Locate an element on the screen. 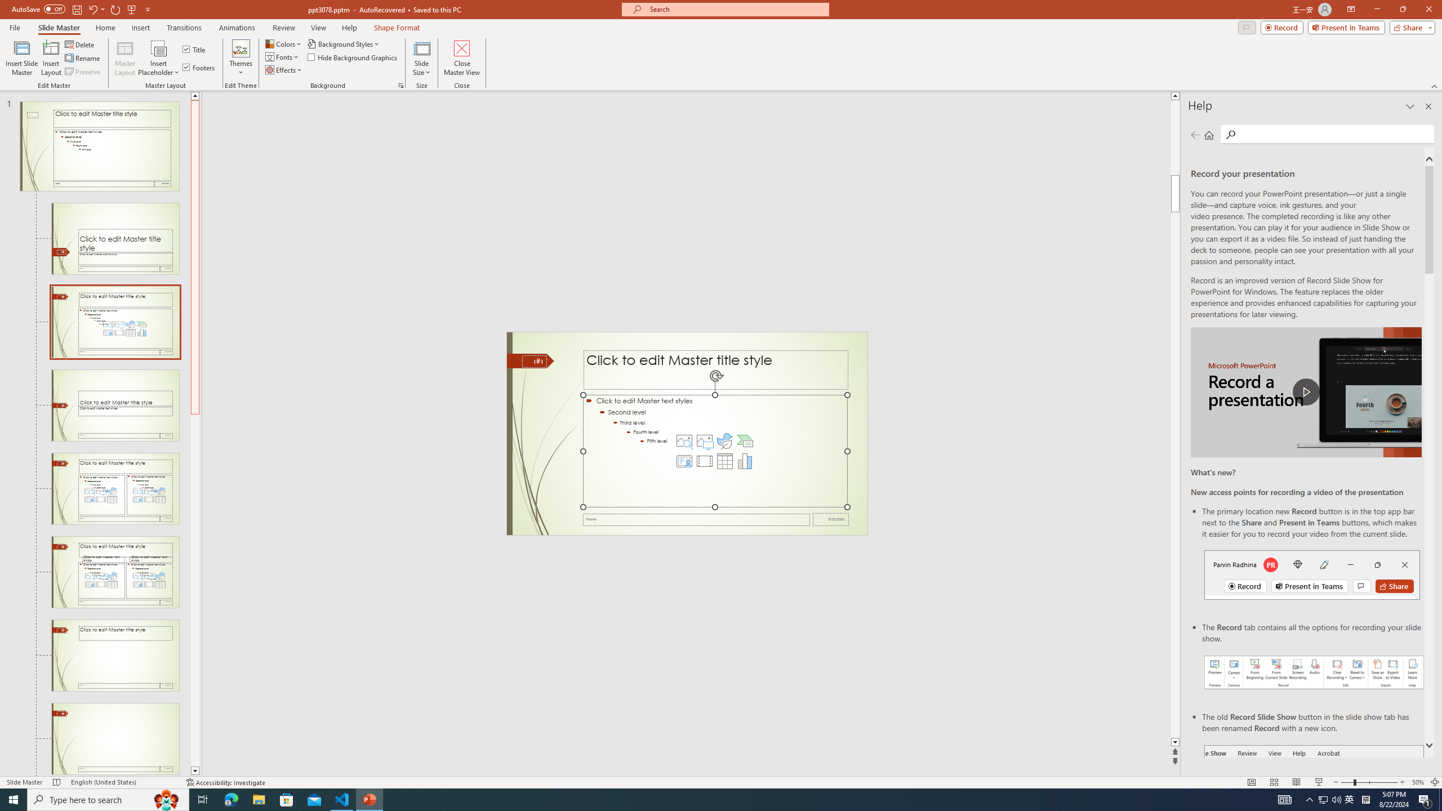 This screenshot has width=1442, height=811. 'Freeform 11' is located at coordinates (530, 360).